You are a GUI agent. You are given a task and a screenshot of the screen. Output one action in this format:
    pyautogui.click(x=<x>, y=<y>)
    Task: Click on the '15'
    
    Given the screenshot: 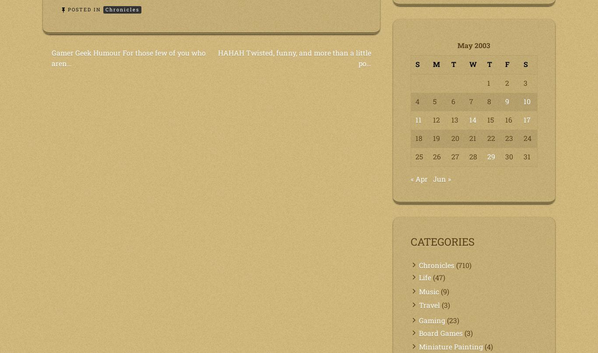 What is the action you would take?
    pyautogui.click(x=490, y=119)
    